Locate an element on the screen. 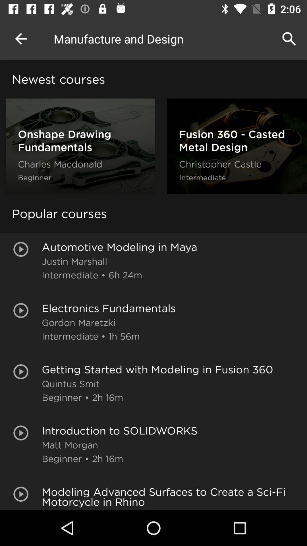 The width and height of the screenshot is (307, 546). the icon to the left of manufacture and design app is located at coordinates (20, 38).